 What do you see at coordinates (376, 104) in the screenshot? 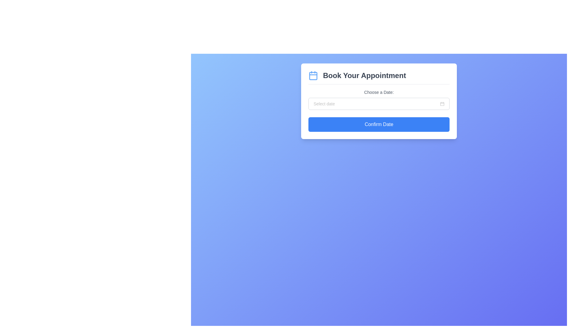
I see `the date selection input field with placeholder text 'Select date'` at bounding box center [376, 104].